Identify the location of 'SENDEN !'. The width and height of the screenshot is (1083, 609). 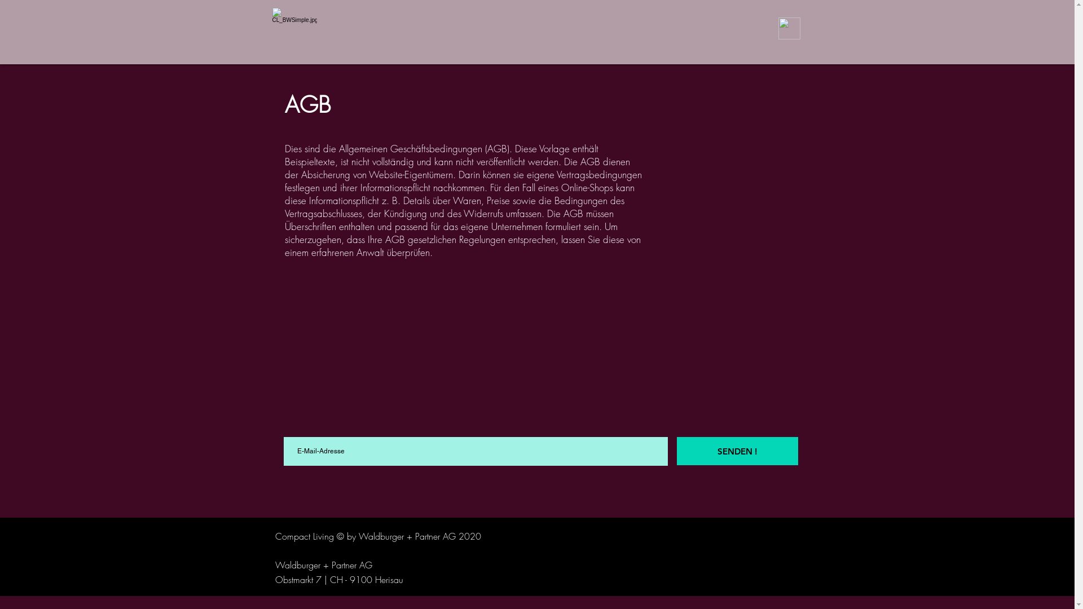
(737, 450).